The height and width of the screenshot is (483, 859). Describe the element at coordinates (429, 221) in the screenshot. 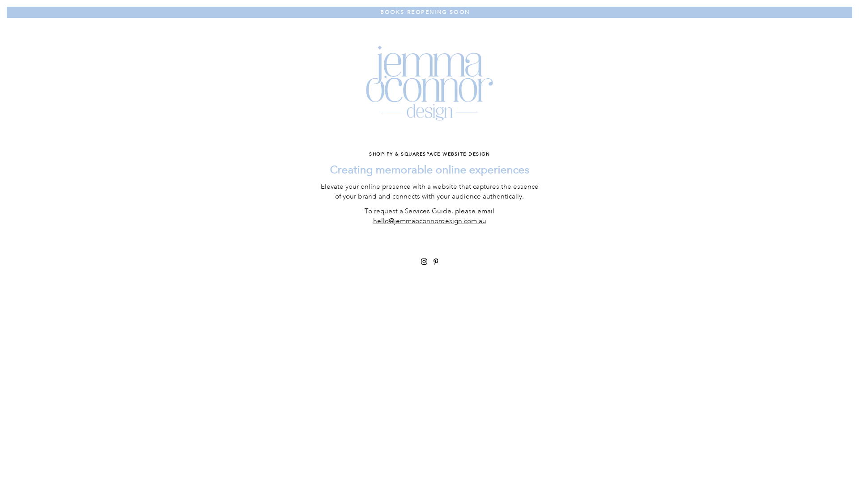

I see `'hello@jemmaoconnordesign.com.au'` at that location.